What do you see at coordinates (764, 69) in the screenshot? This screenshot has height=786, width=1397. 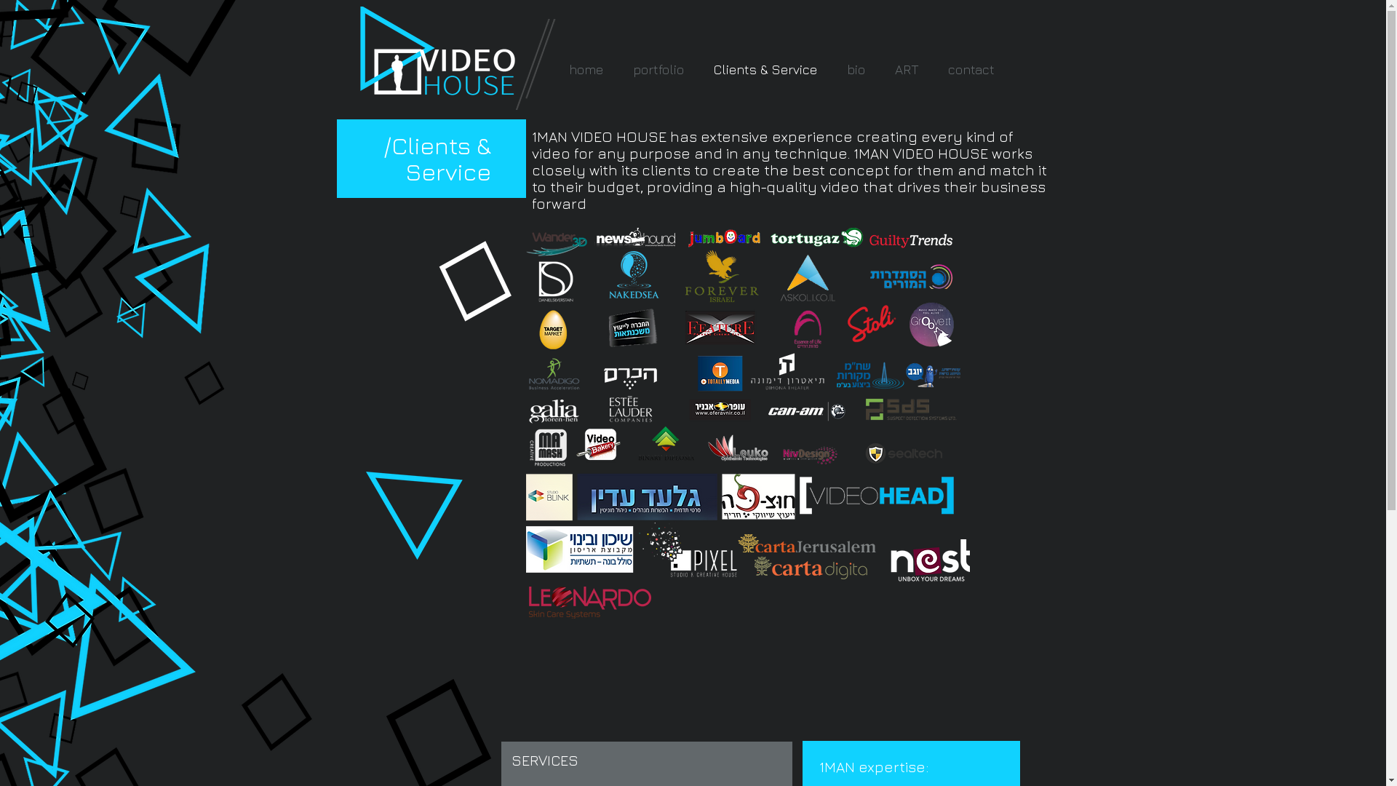 I see `'Clients & Service'` at bounding box center [764, 69].